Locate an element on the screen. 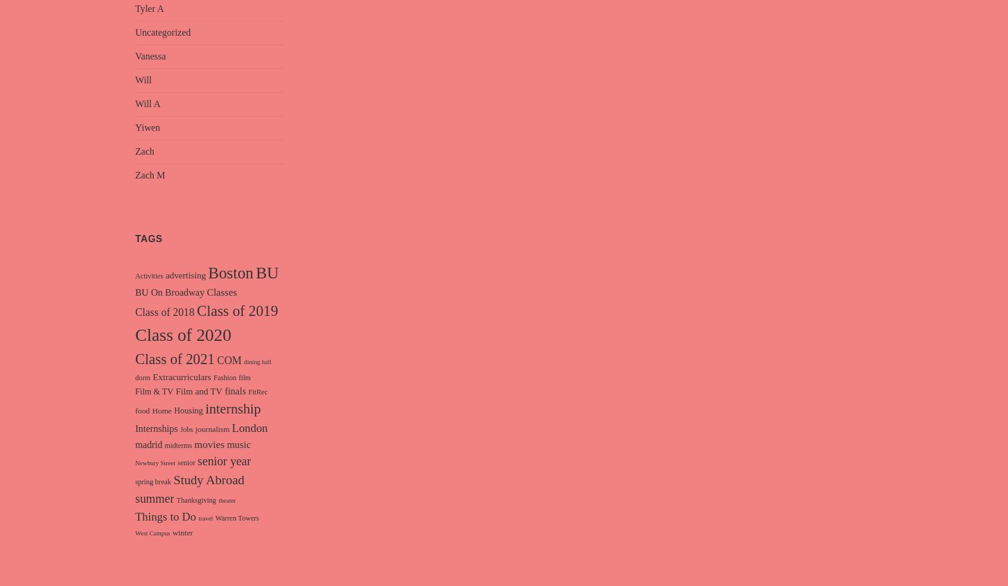 This screenshot has width=1008, height=586. 'Will A' is located at coordinates (135, 104).